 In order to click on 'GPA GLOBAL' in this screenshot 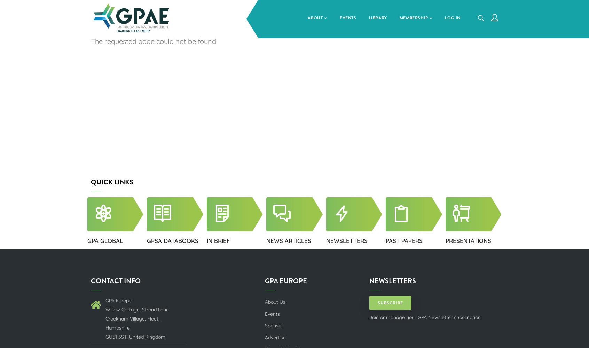, I will do `click(105, 240)`.